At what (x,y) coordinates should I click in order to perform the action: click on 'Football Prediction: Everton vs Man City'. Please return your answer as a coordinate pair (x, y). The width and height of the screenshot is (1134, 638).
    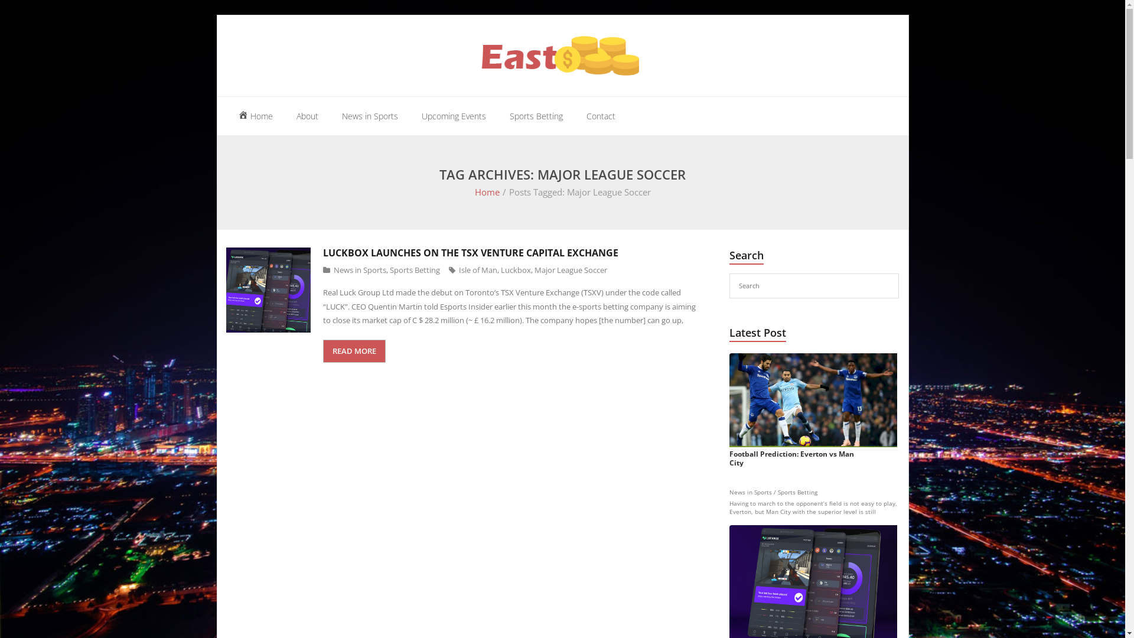
    Looking at the image, I should click on (728, 409).